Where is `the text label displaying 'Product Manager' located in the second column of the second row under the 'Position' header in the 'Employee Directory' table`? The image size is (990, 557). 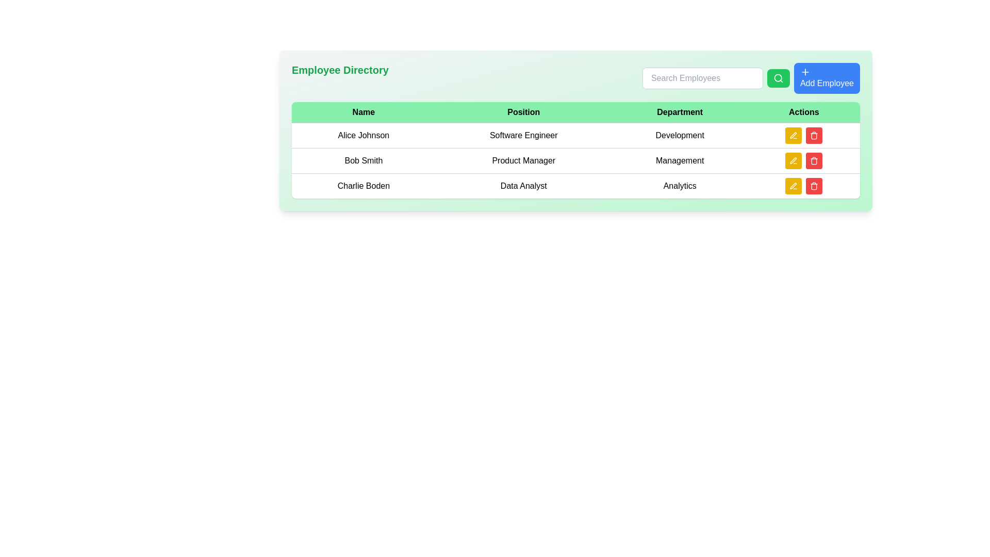 the text label displaying 'Product Manager' located in the second column of the second row under the 'Position' header in the 'Employee Directory' table is located at coordinates (523, 161).